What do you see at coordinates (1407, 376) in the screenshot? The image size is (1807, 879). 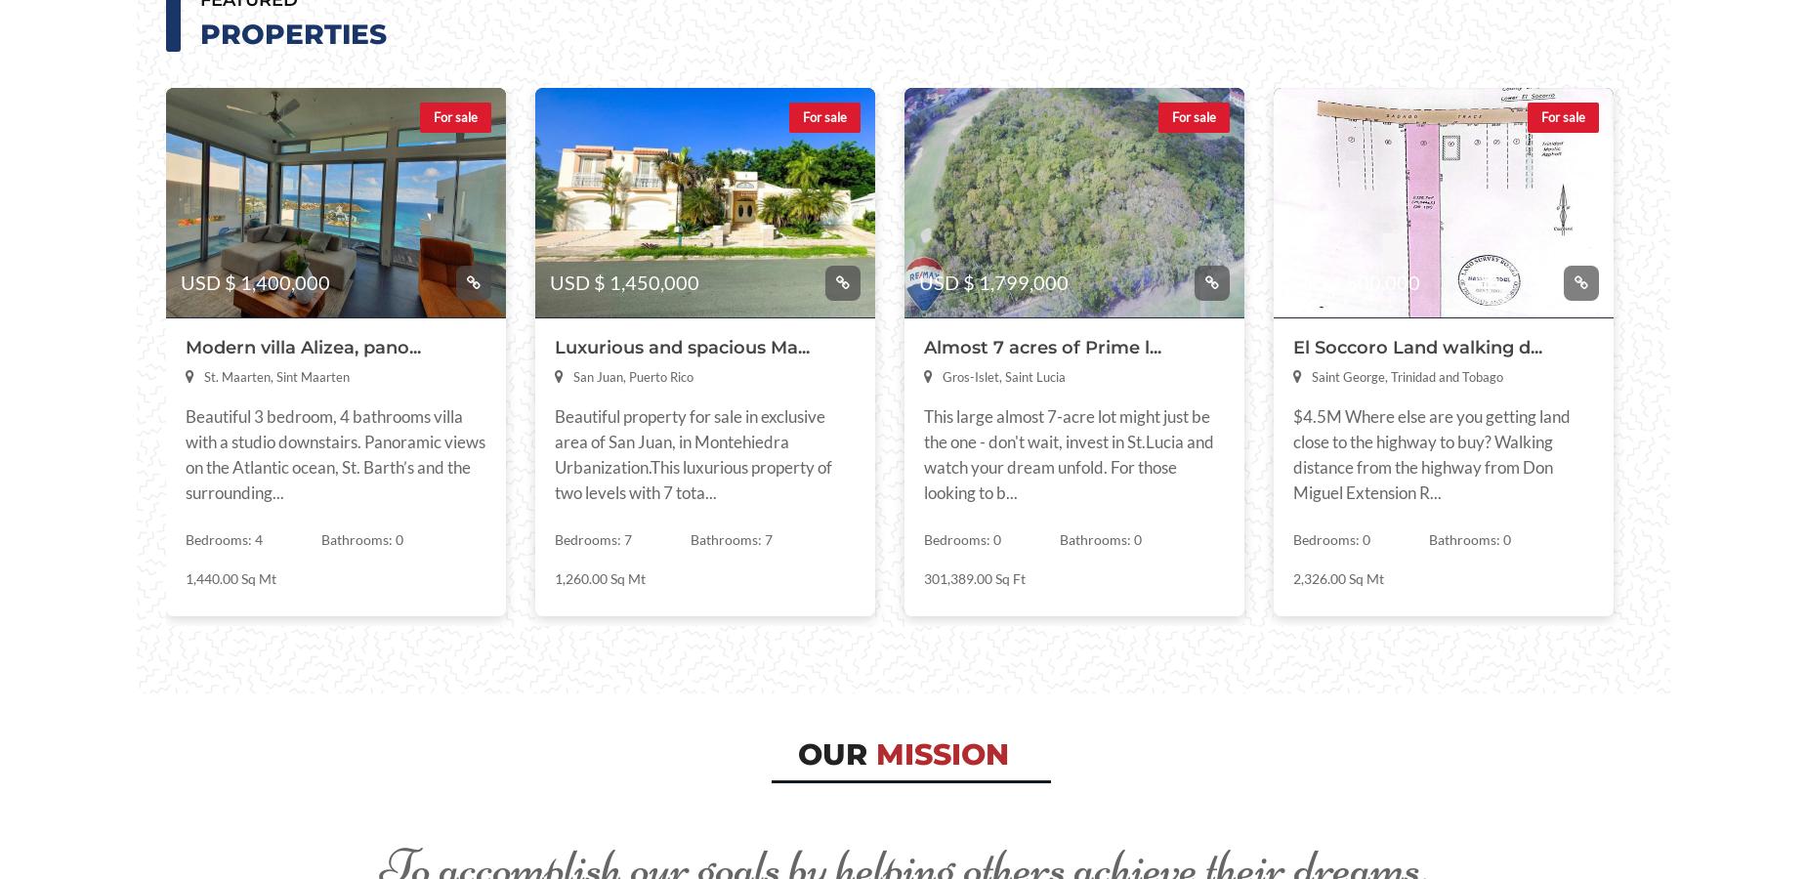 I see `'Saint George, Trinidad and Tobago'` at bounding box center [1407, 376].